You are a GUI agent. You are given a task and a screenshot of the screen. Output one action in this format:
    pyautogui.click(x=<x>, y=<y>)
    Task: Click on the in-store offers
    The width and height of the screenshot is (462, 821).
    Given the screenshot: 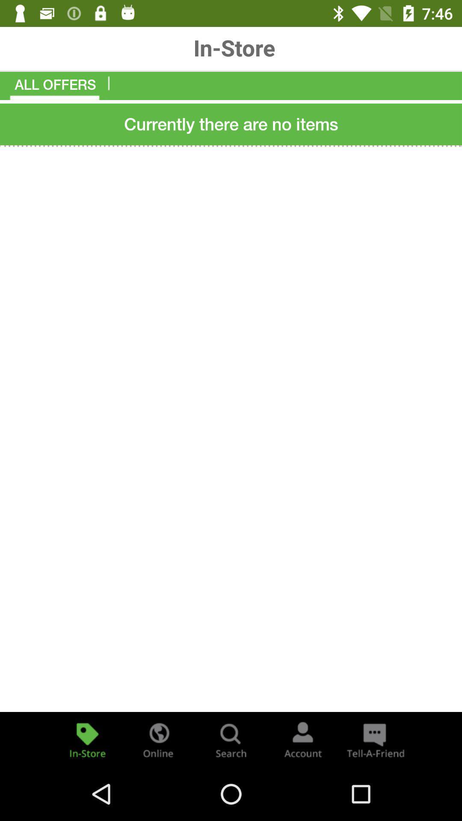 What is the action you would take?
    pyautogui.click(x=87, y=739)
    